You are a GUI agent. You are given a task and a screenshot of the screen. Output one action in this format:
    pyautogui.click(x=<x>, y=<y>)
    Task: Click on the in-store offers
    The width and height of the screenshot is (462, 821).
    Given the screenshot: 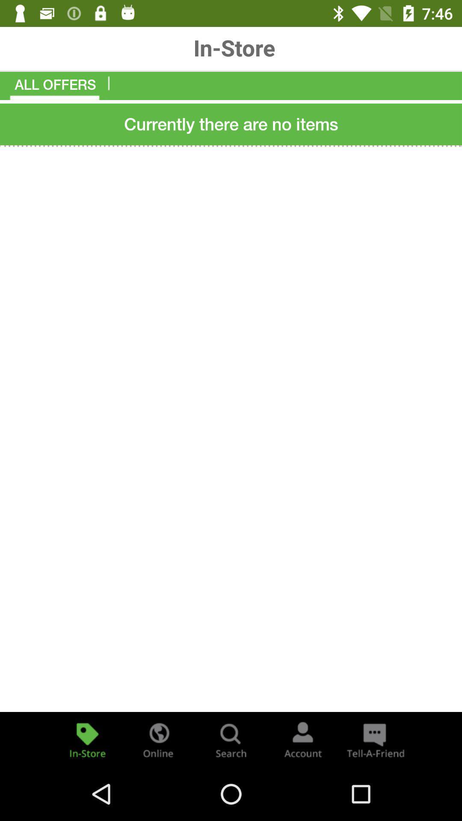 What is the action you would take?
    pyautogui.click(x=87, y=739)
    